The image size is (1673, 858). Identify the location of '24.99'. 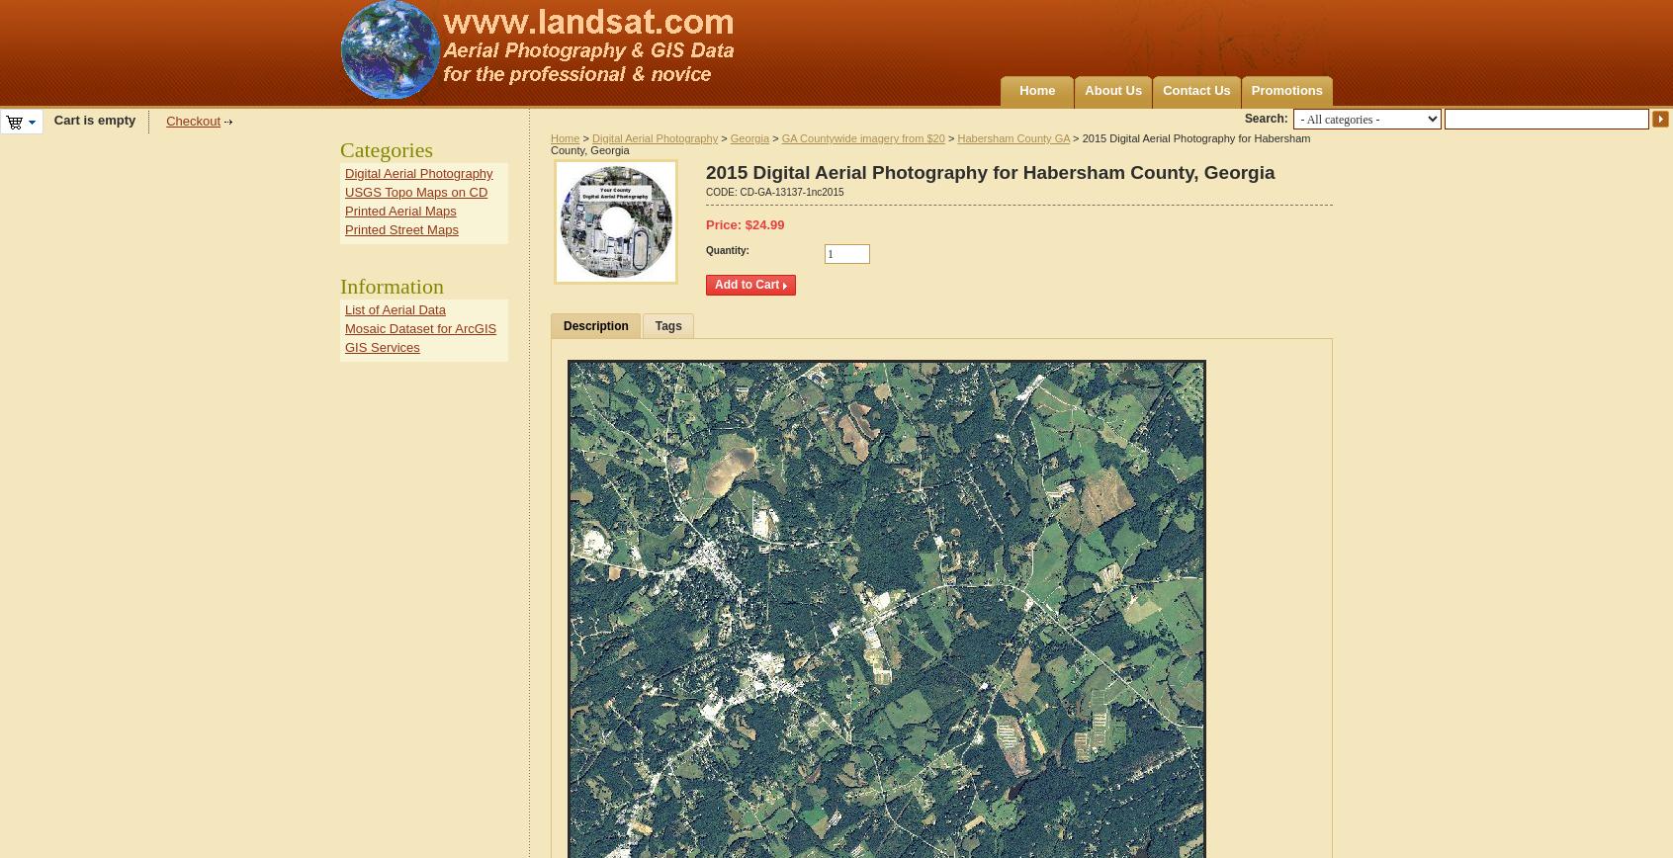
(767, 224).